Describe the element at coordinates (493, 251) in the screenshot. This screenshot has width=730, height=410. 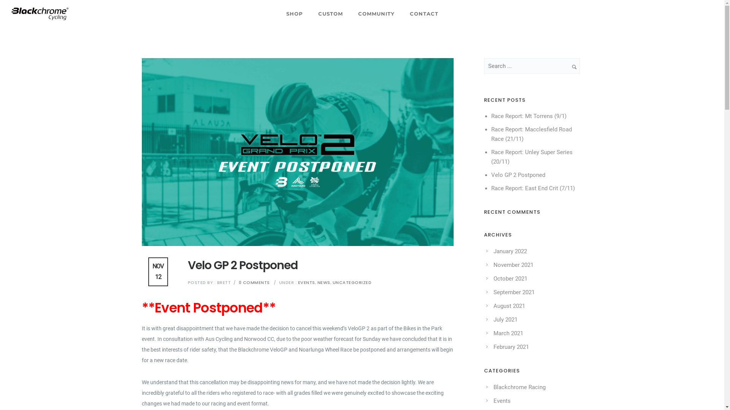
I see `'January 2022'` at that location.